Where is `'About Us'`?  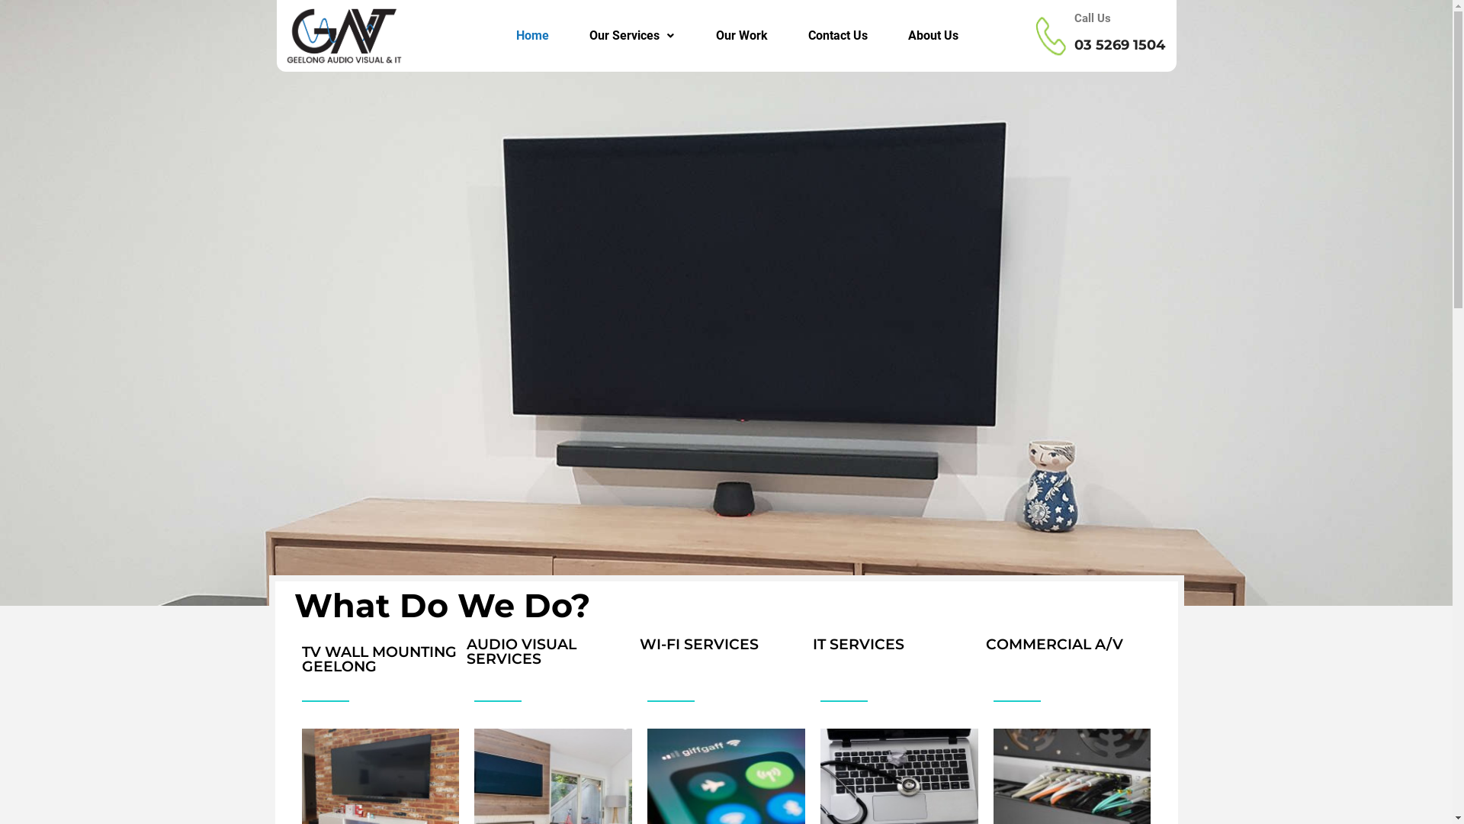
'About Us' is located at coordinates (932, 34).